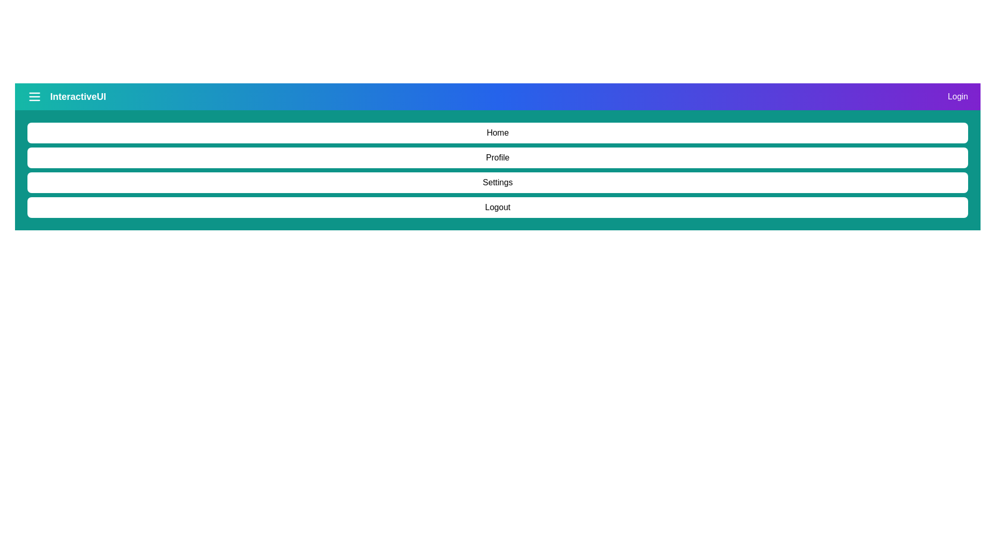 Image resolution: width=994 pixels, height=559 pixels. Describe the element at coordinates (66, 96) in the screenshot. I see `the header text 'InteractiveUI'` at that location.